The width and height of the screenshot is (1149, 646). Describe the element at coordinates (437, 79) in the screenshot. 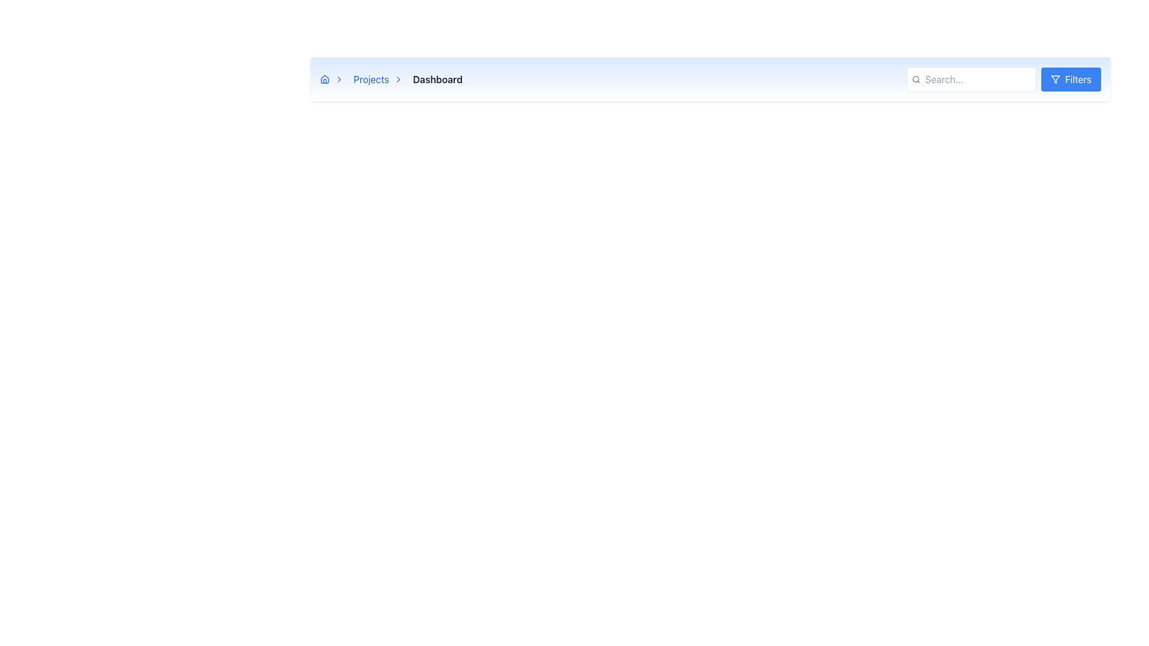

I see `text content of the 'Dashboard' text component located in the light blue colored top navigation bar, which is the last item in a breadcrumb trail and positioned to the right of the 'Projects' label` at that location.